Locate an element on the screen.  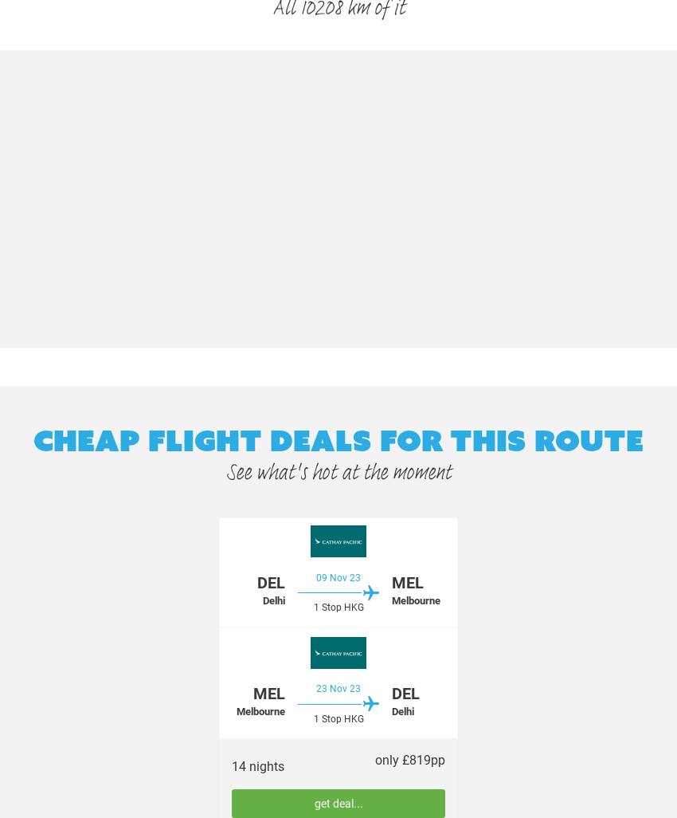
'only' is located at coordinates (387, 760).